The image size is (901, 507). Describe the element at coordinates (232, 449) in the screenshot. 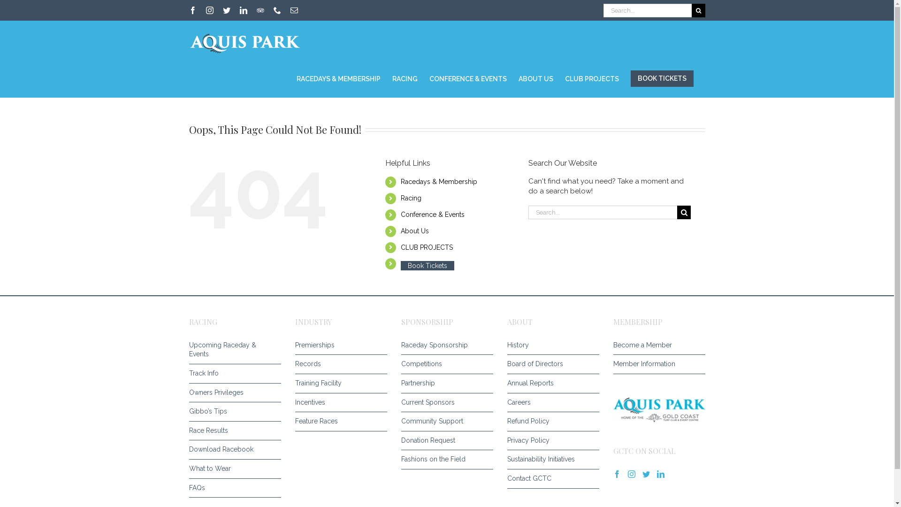

I see `'Download Racebook'` at that location.